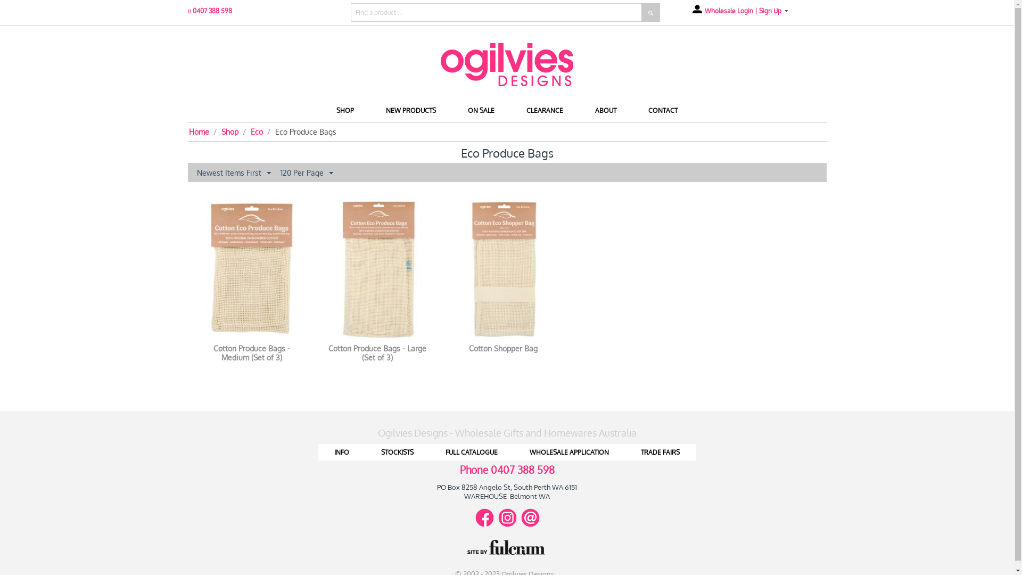  Describe the element at coordinates (345, 110) in the screenshot. I see `'SHOP'` at that location.